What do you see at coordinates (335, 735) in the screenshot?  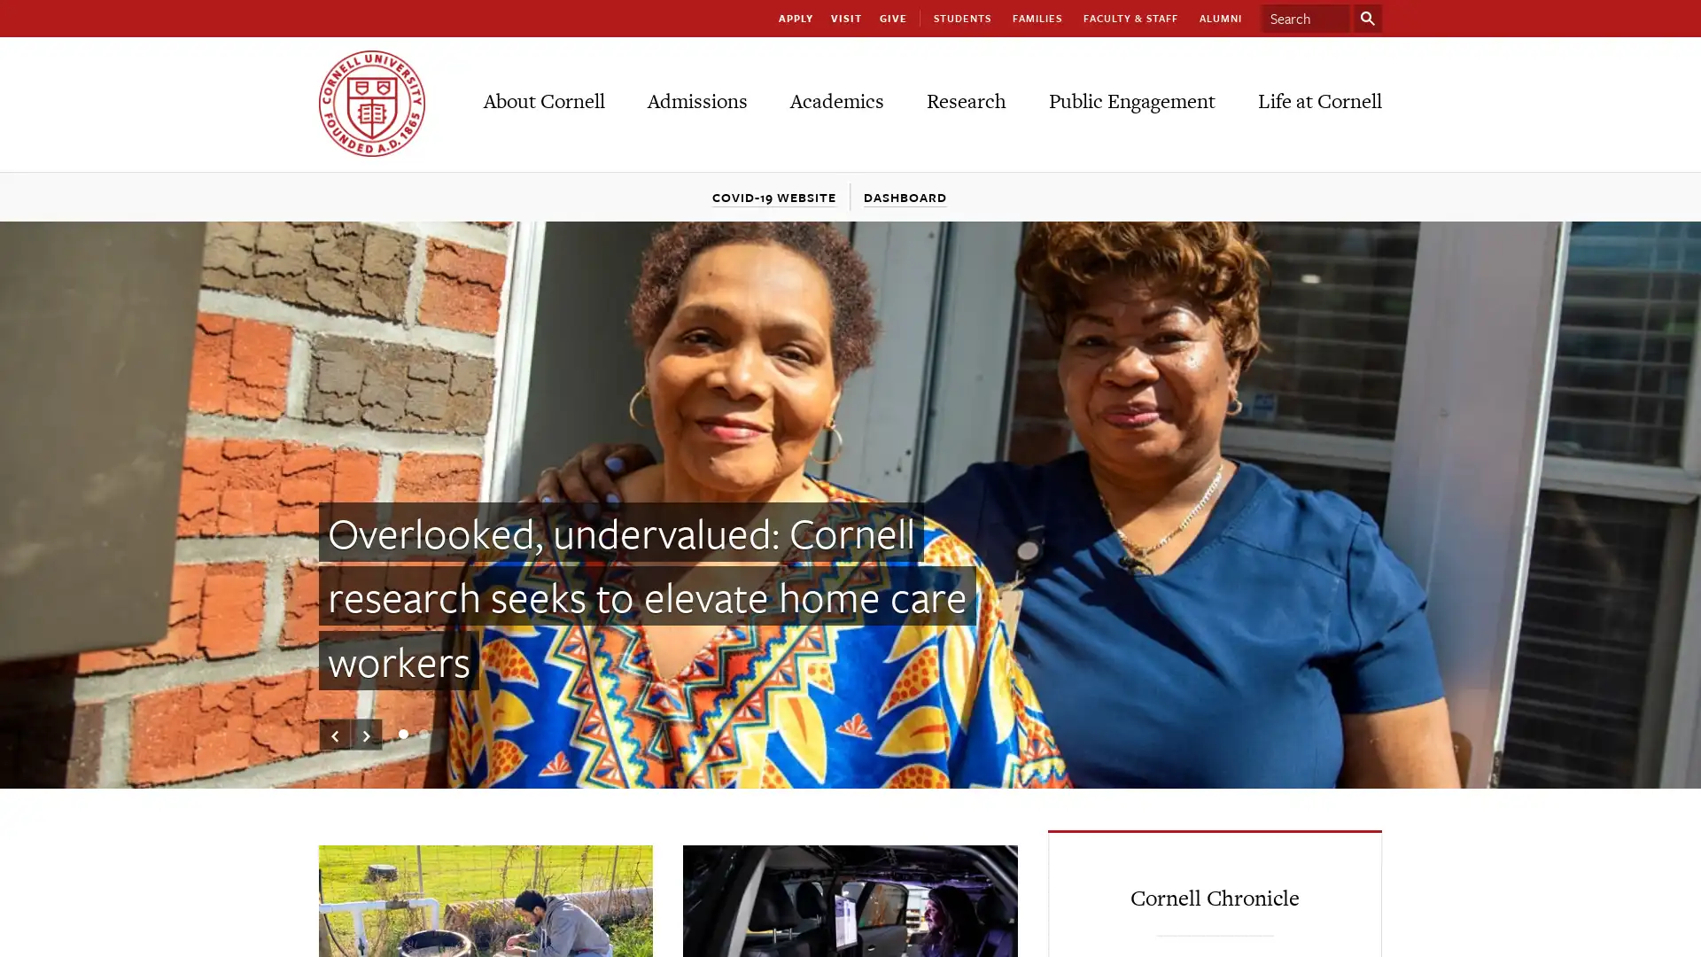 I see `Previous slide` at bounding box center [335, 735].